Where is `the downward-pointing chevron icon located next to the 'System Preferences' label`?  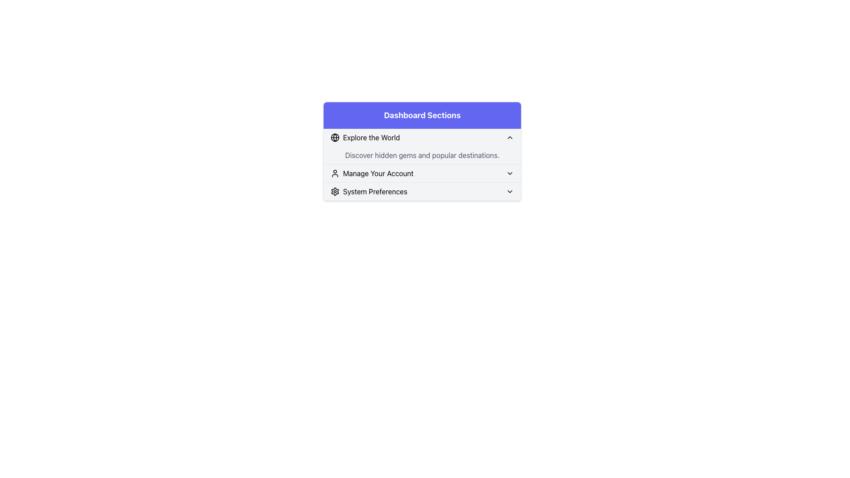
the downward-pointing chevron icon located next to the 'System Preferences' label is located at coordinates (510, 191).